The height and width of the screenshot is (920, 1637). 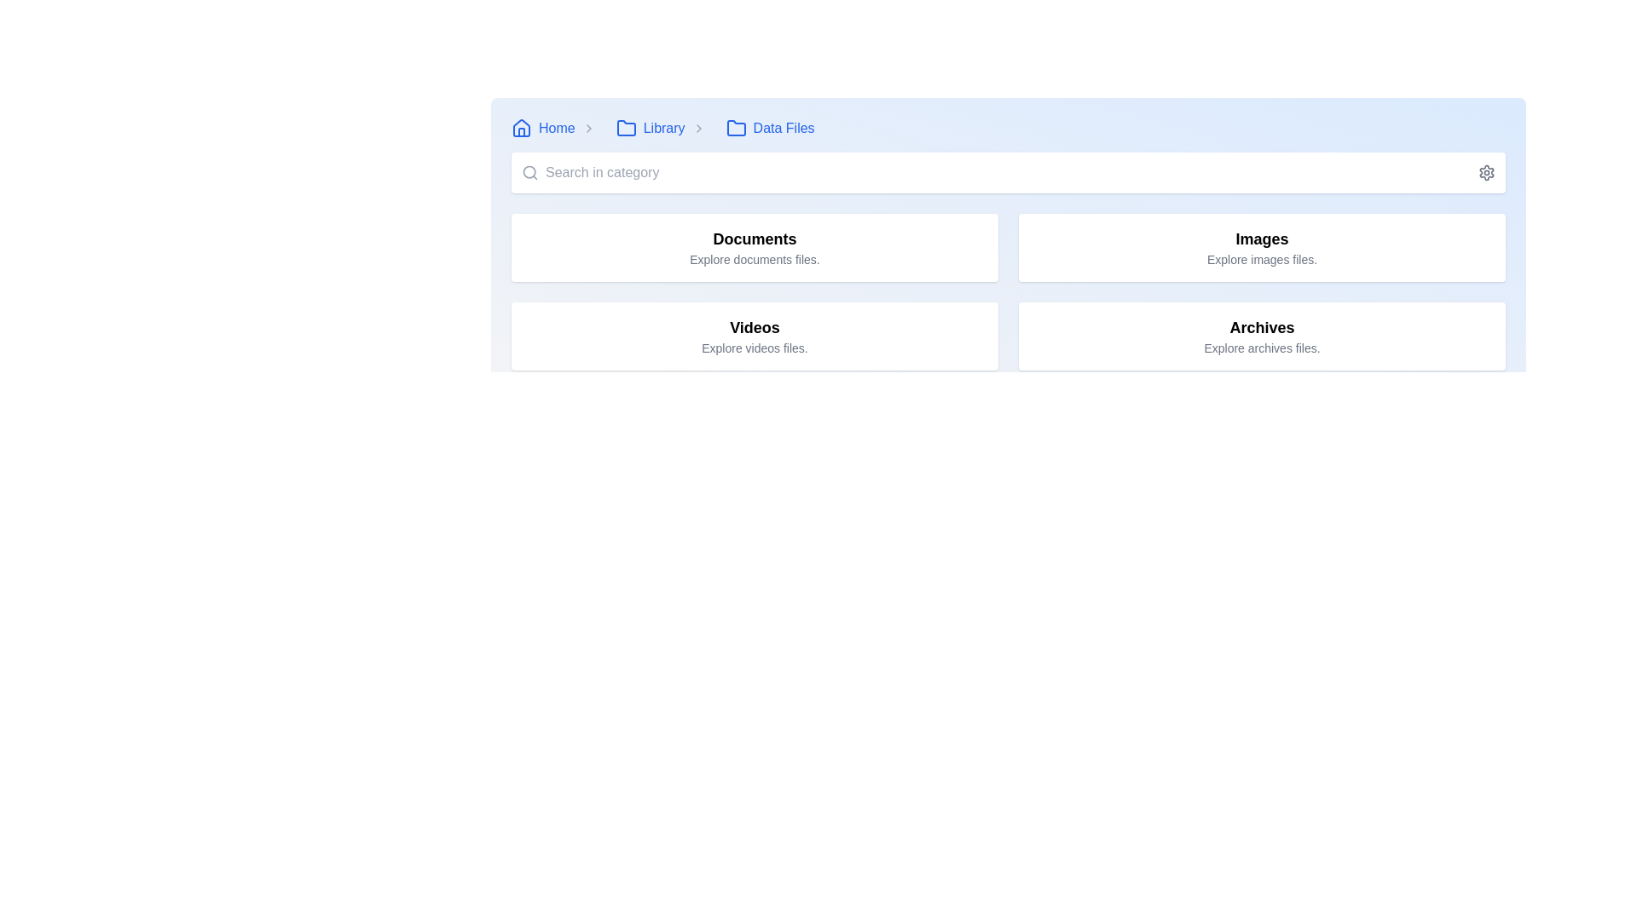 What do you see at coordinates (736, 127) in the screenshot?
I see `the 'Data Files' breadcrumb icon located at the top of the interface, which serves as a visual representation of the current navigation point` at bounding box center [736, 127].